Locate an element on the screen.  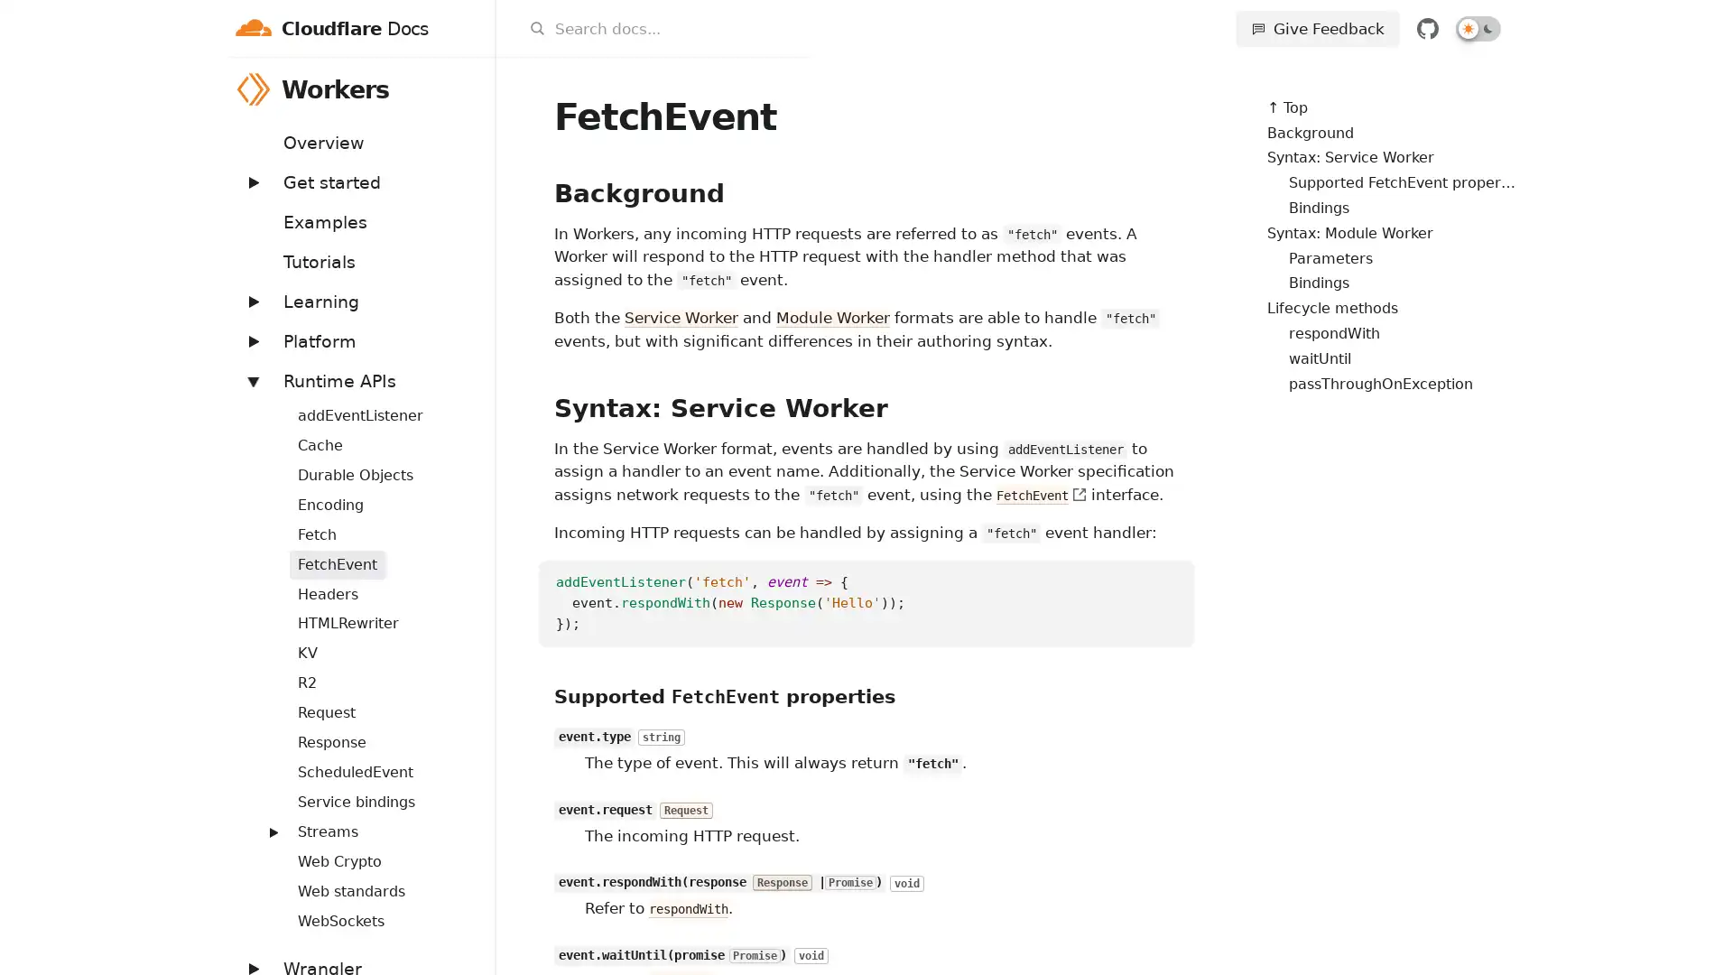
Expand: Bindings is located at coordinates (263, 404).